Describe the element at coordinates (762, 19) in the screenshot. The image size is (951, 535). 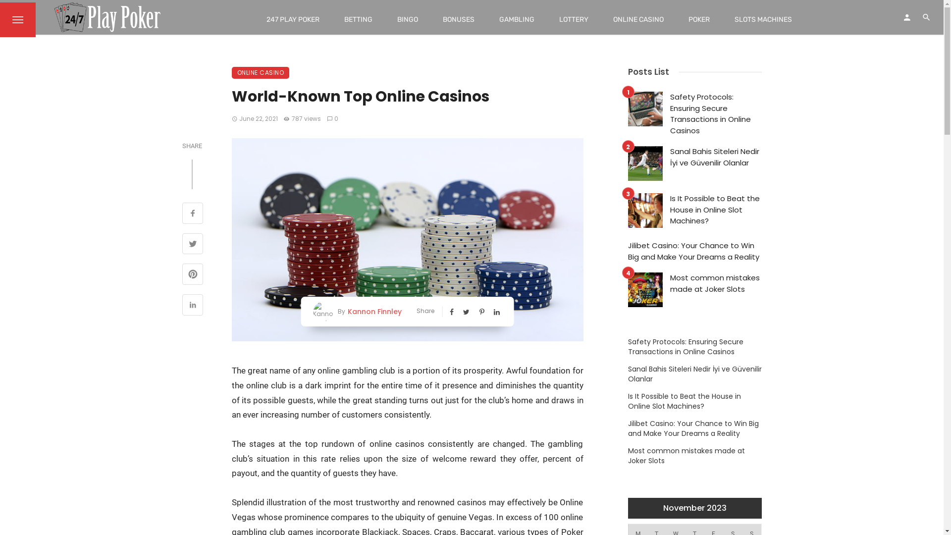
I see `'SLOTS MACHINES'` at that location.